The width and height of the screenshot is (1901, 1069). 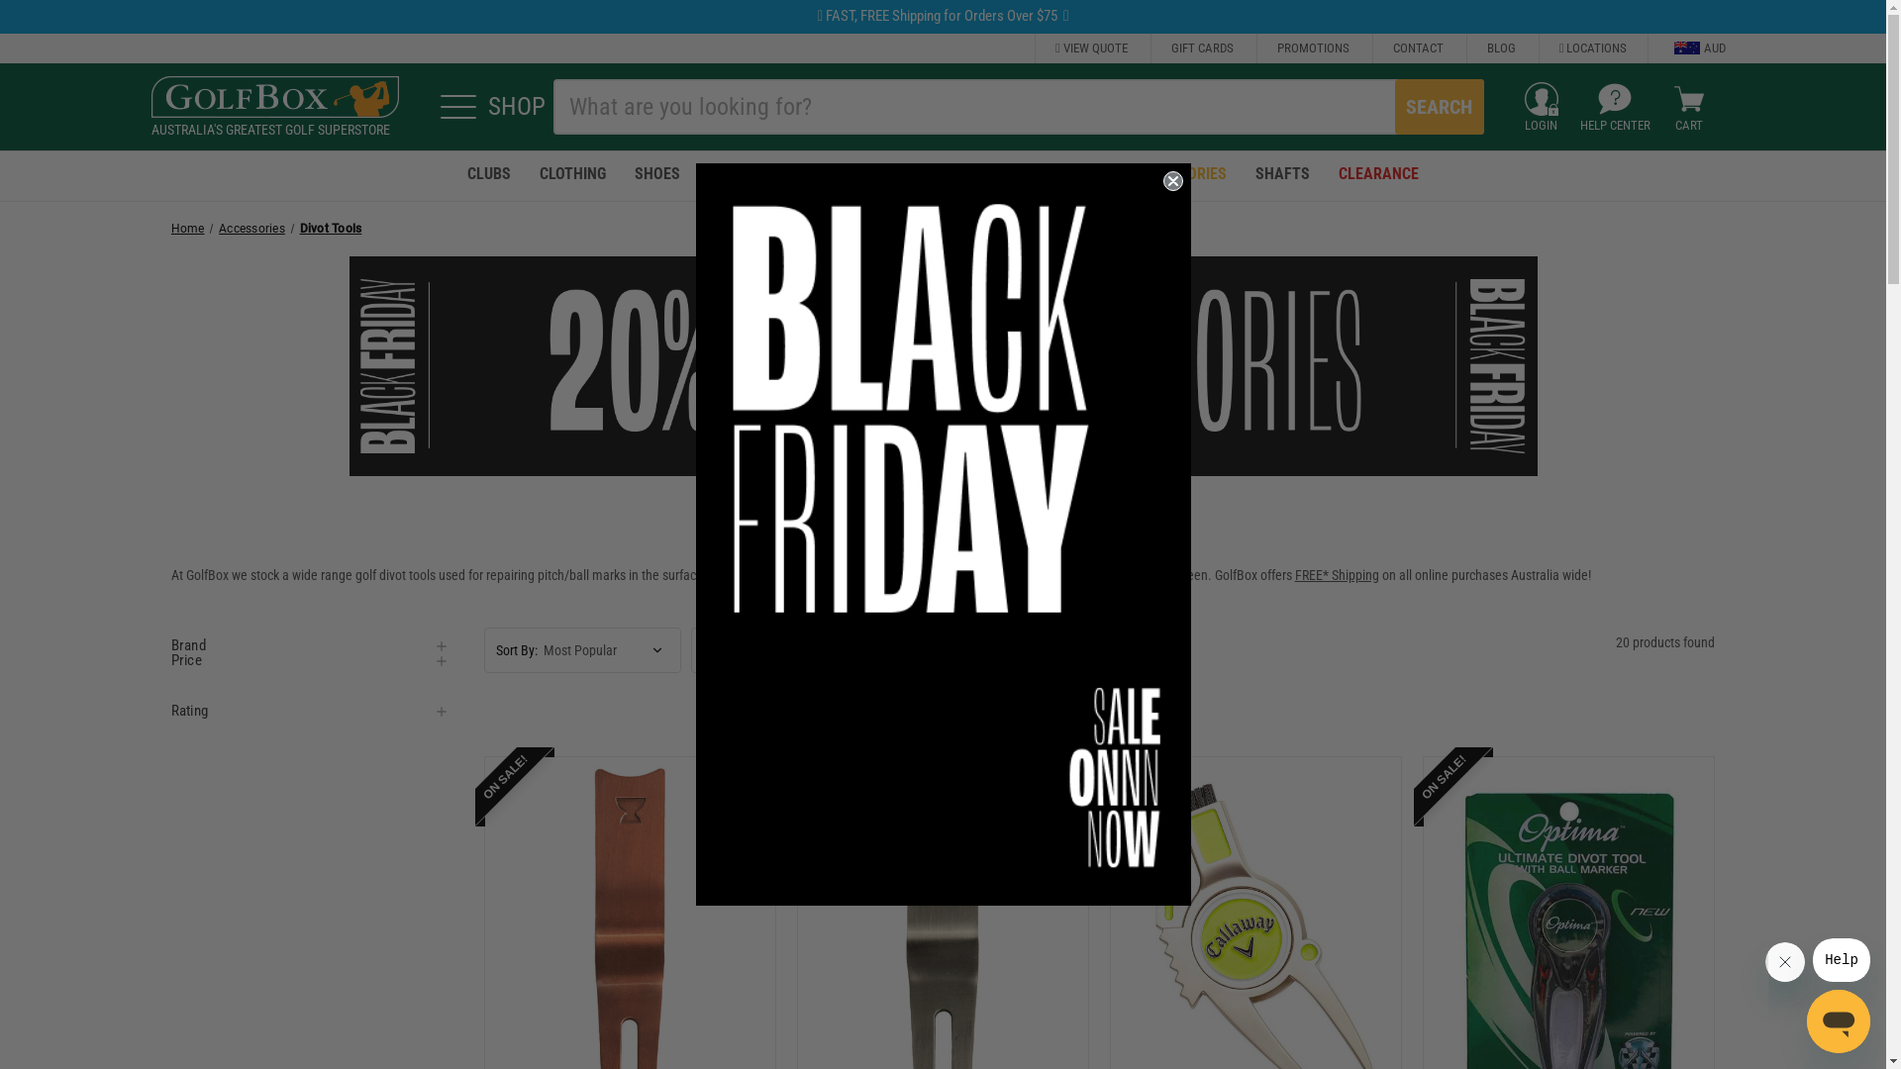 What do you see at coordinates (1118, 174) in the screenshot?
I see `'ACCESSORIES'` at bounding box center [1118, 174].